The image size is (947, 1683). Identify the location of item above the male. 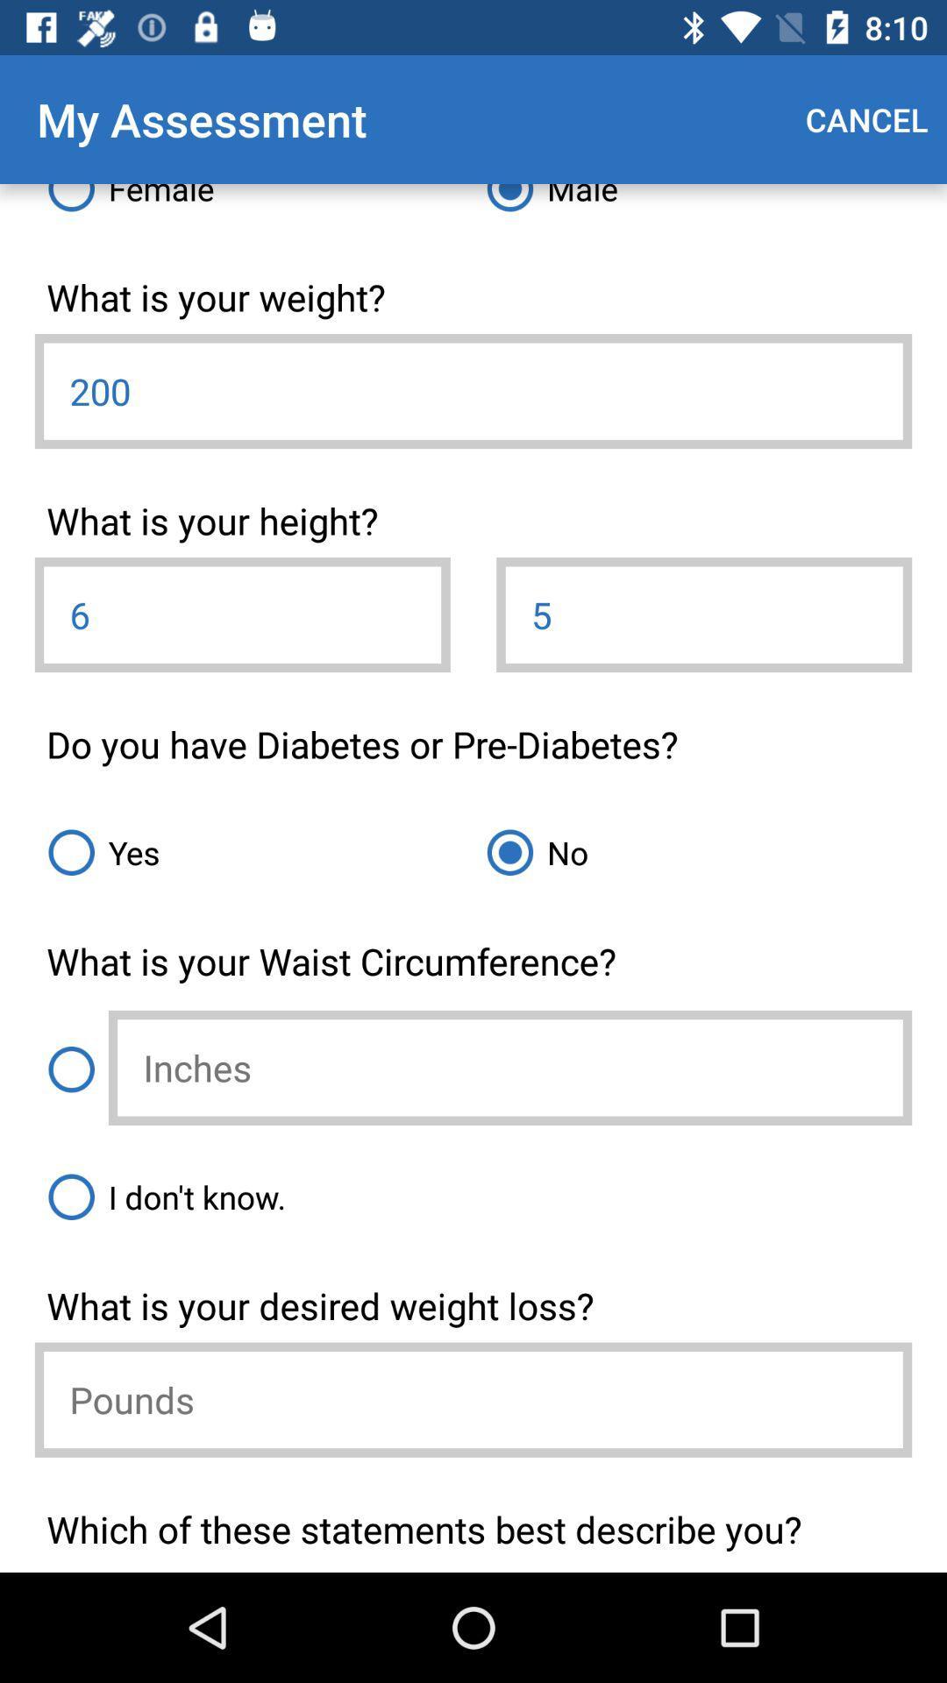
(865, 118).